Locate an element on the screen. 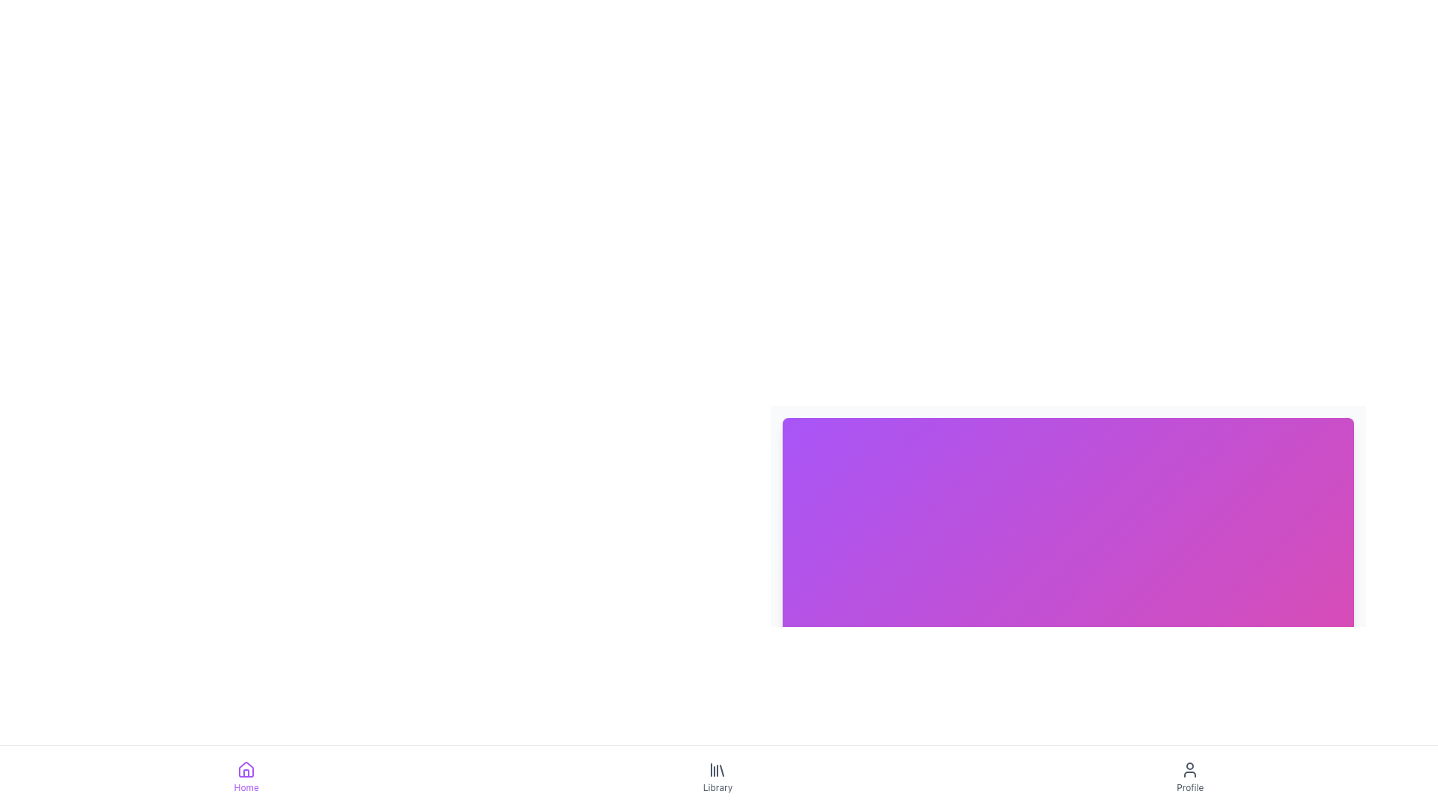 The height and width of the screenshot is (809, 1438). the 'Library' navigation button located in the bottom navigation bar is located at coordinates (719, 776).